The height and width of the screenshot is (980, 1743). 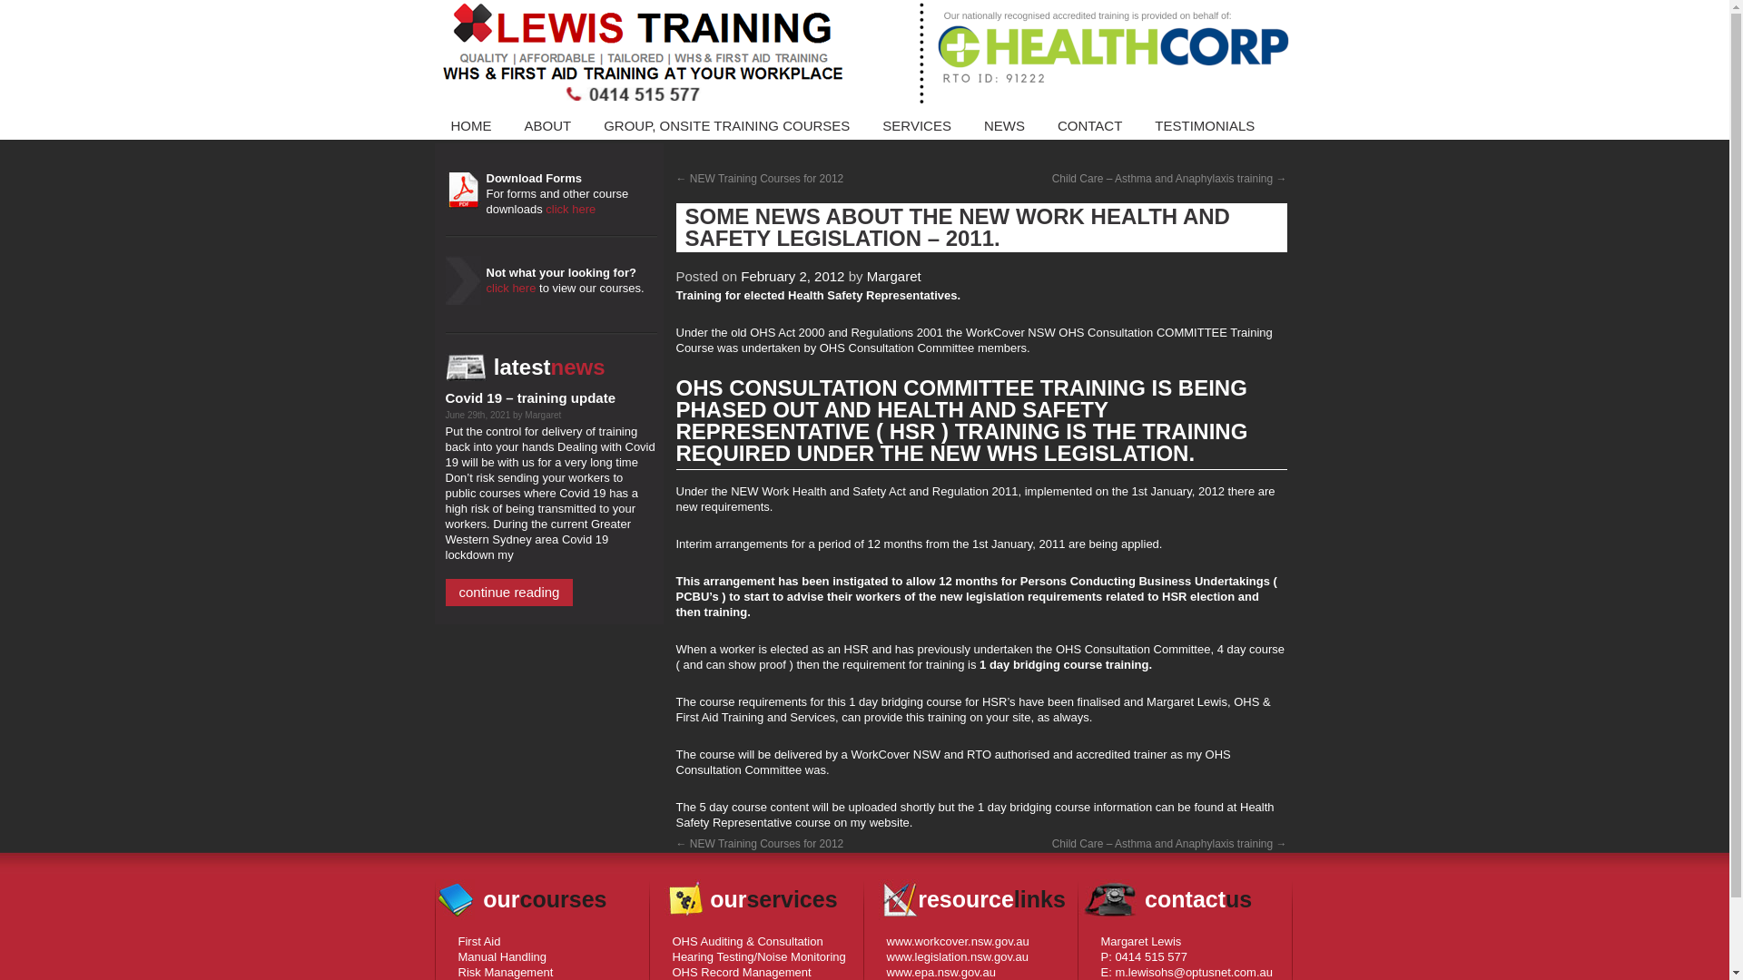 What do you see at coordinates (916, 124) in the screenshot?
I see `'SERVICES'` at bounding box center [916, 124].